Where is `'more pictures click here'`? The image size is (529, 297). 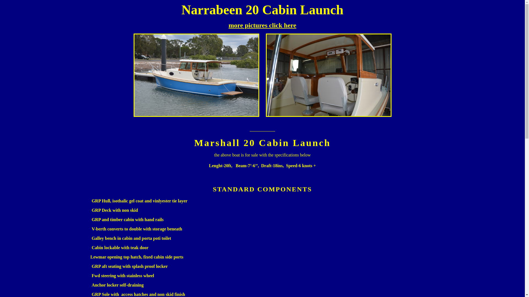
'more pictures click here' is located at coordinates (229, 25).